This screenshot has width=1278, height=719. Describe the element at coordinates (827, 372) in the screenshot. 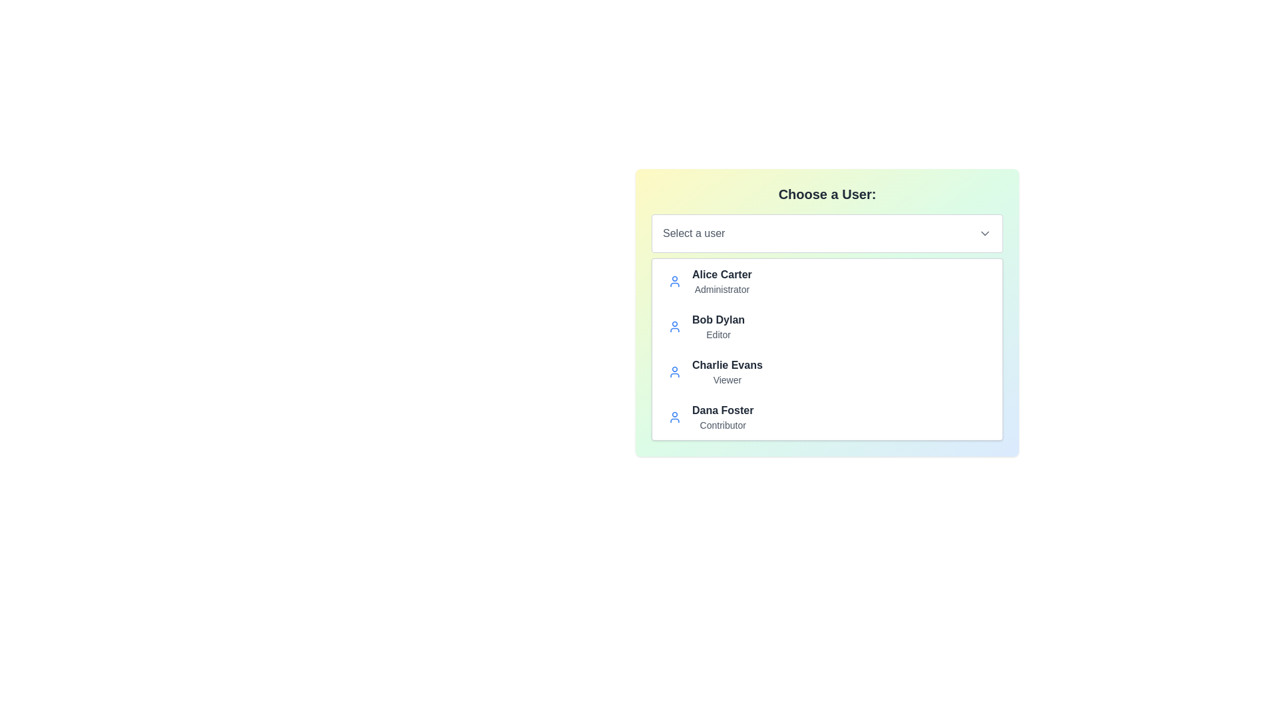

I see `the selectable user profile 'Charlie Evans' in the dropdown menu for additional details` at that location.